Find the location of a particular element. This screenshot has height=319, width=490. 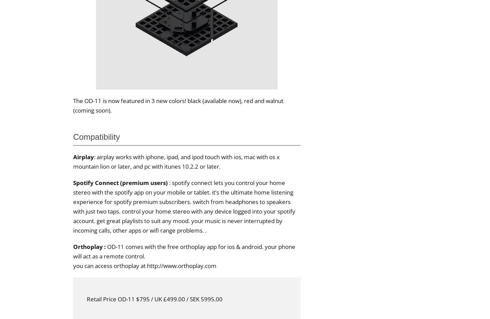

'The OD-11 is now featured in 3 new colors! black (available now), red and walnut (coming soon).' is located at coordinates (178, 105).